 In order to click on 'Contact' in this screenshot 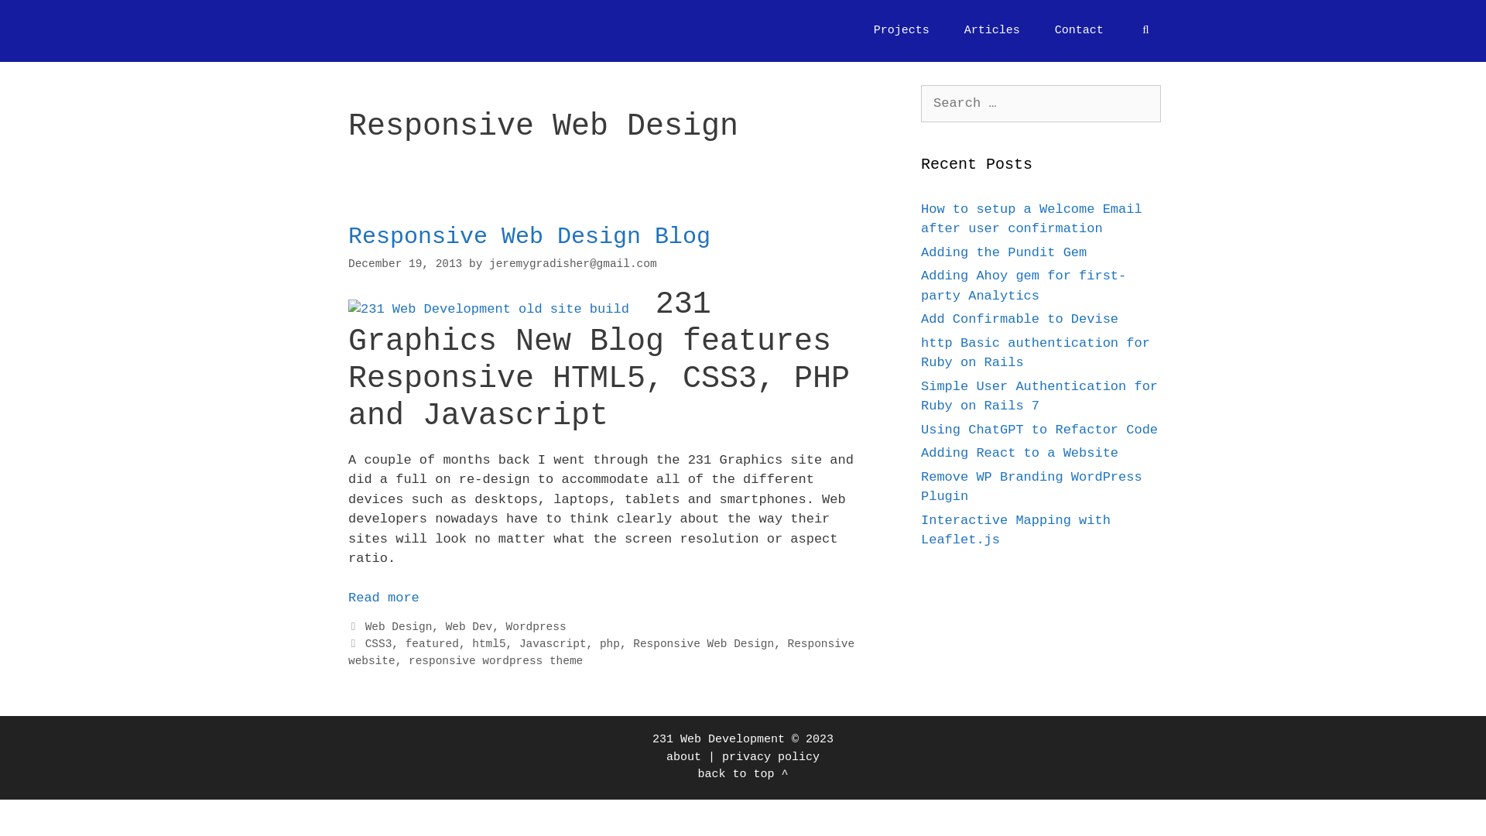, I will do `click(1078, 30)`.